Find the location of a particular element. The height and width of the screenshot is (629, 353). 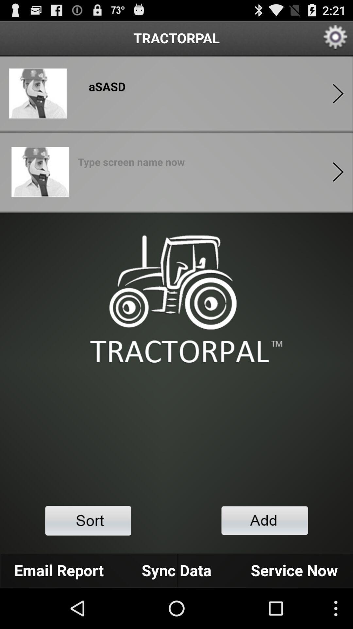

next is located at coordinates (338, 93).